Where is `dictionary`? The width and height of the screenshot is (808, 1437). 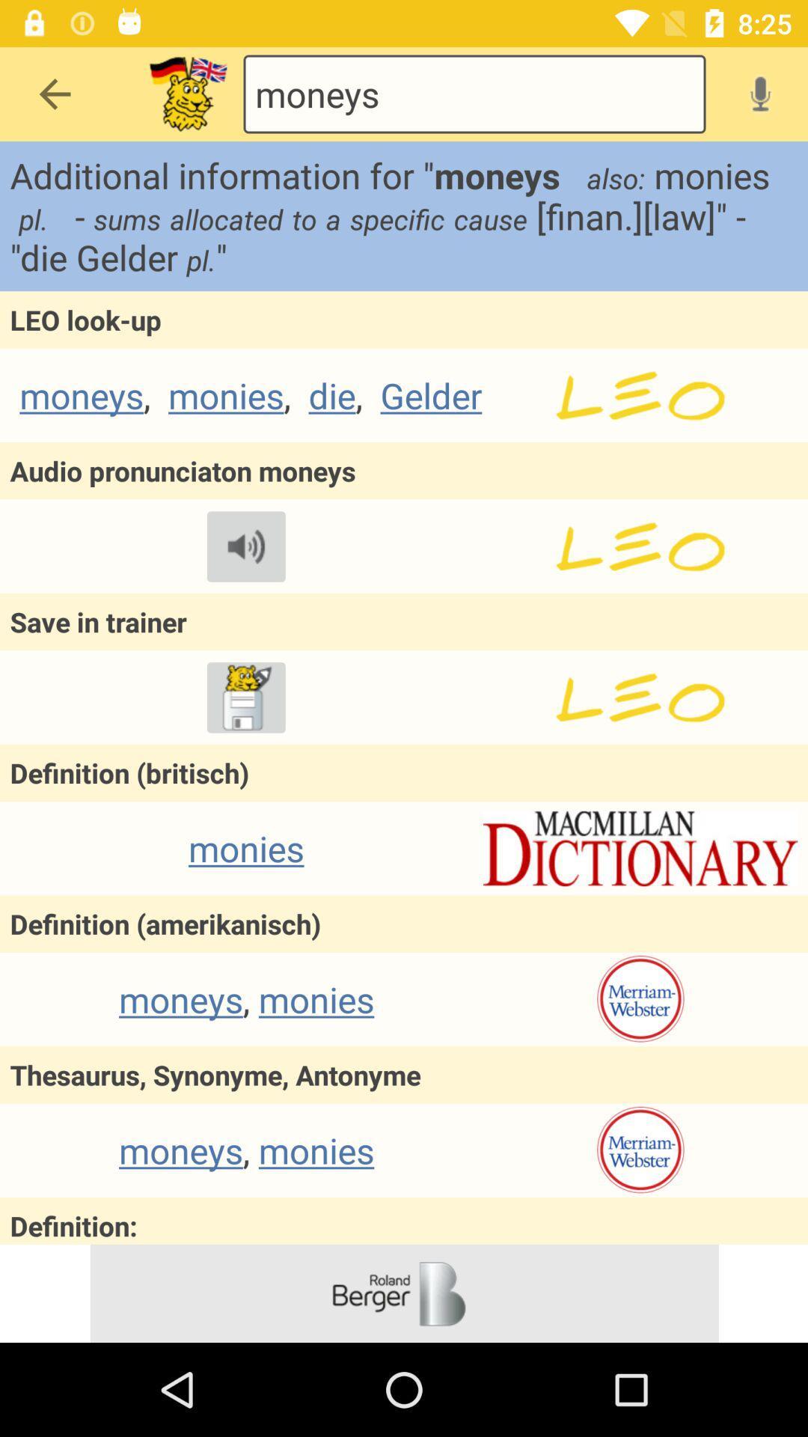
dictionary is located at coordinates (640, 1150).